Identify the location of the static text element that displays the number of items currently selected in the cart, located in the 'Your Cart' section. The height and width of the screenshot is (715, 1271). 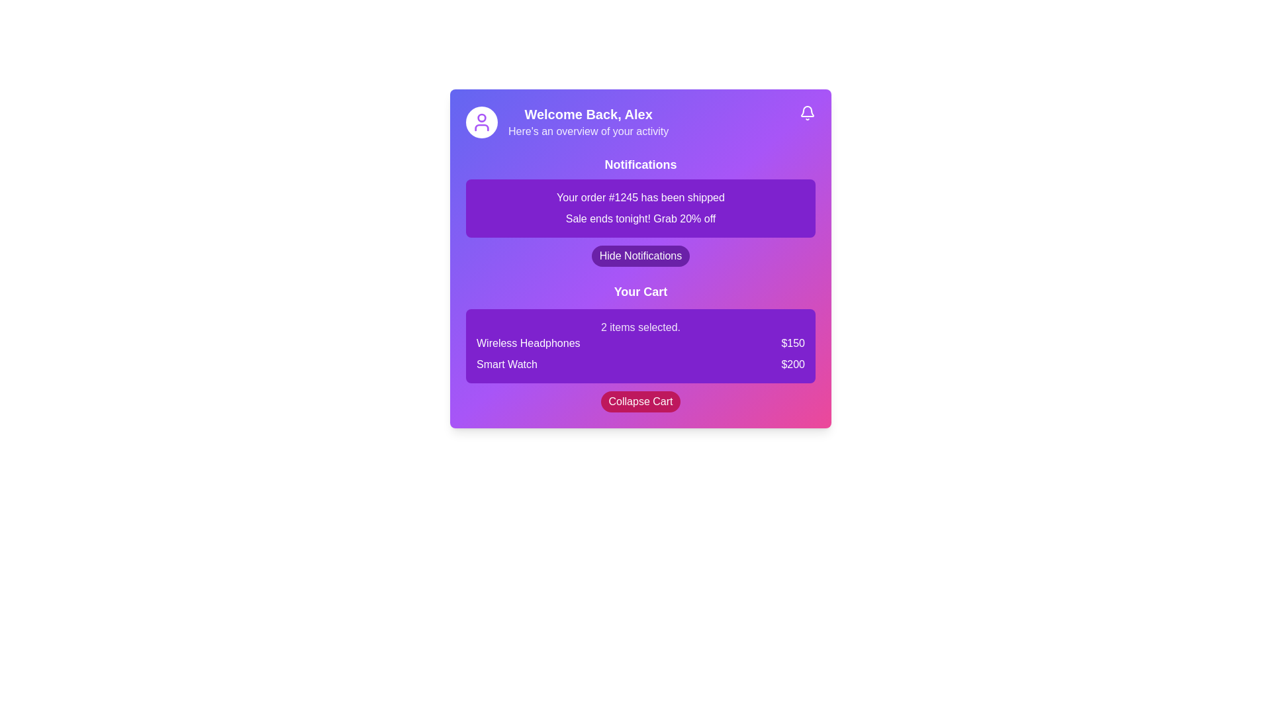
(641, 327).